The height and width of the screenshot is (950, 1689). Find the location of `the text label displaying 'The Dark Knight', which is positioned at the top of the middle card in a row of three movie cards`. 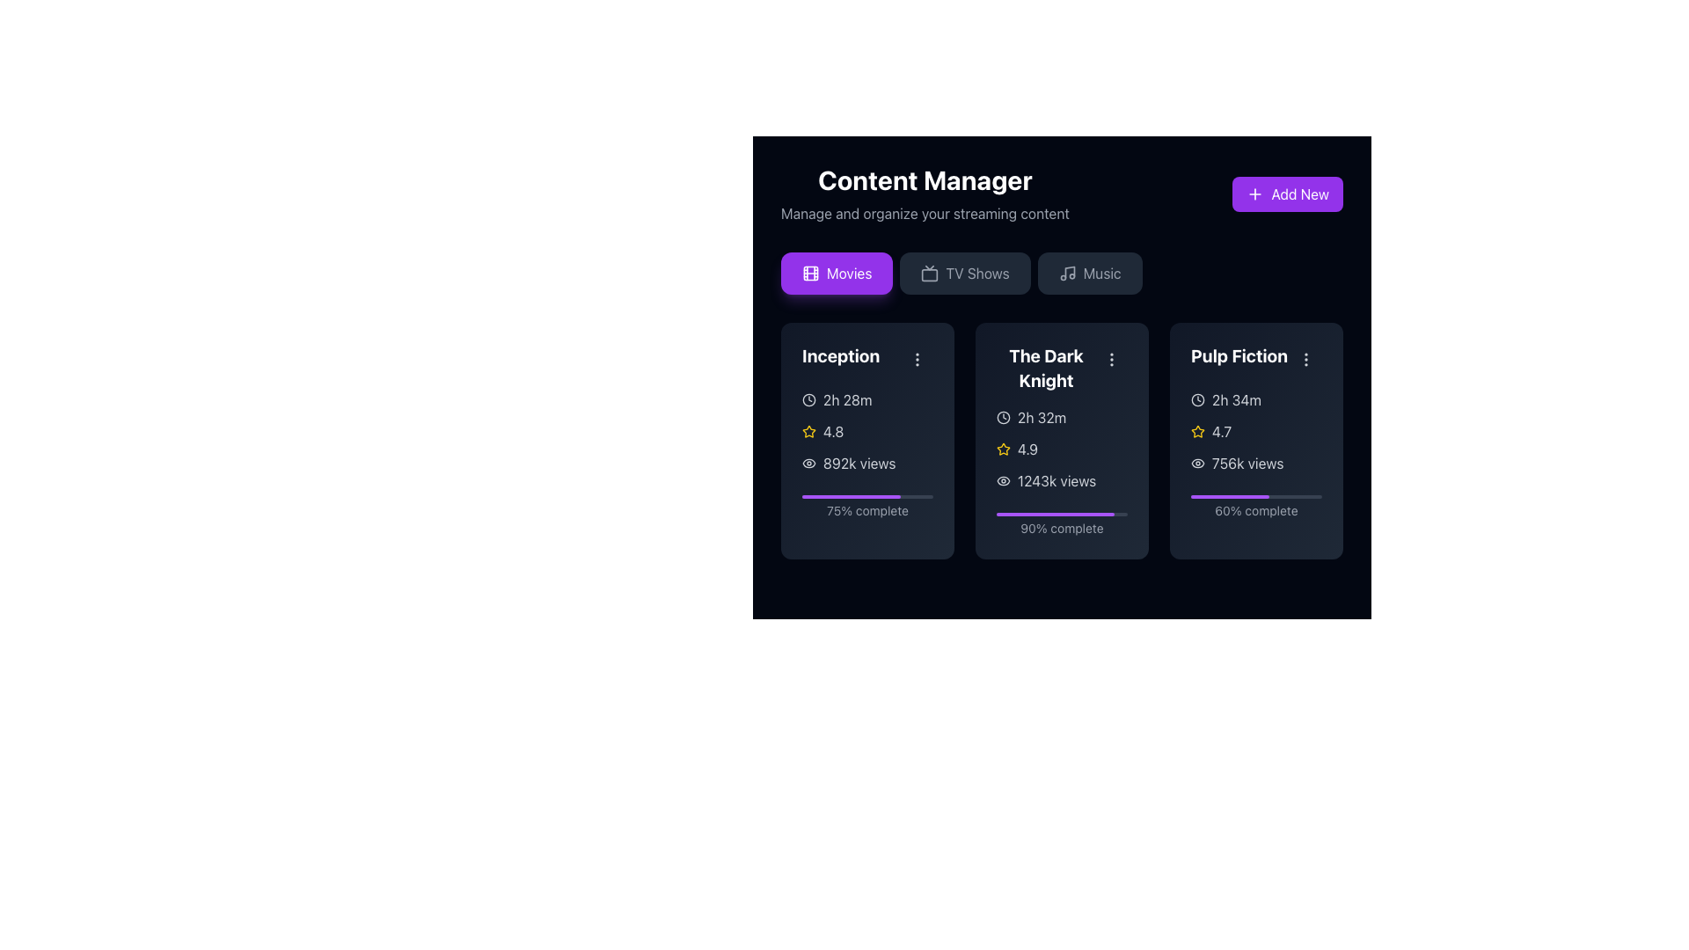

the text label displaying 'The Dark Knight', which is positioned at the top of the middle card in a row of three movie cards is located at coordinates (1061, 368).